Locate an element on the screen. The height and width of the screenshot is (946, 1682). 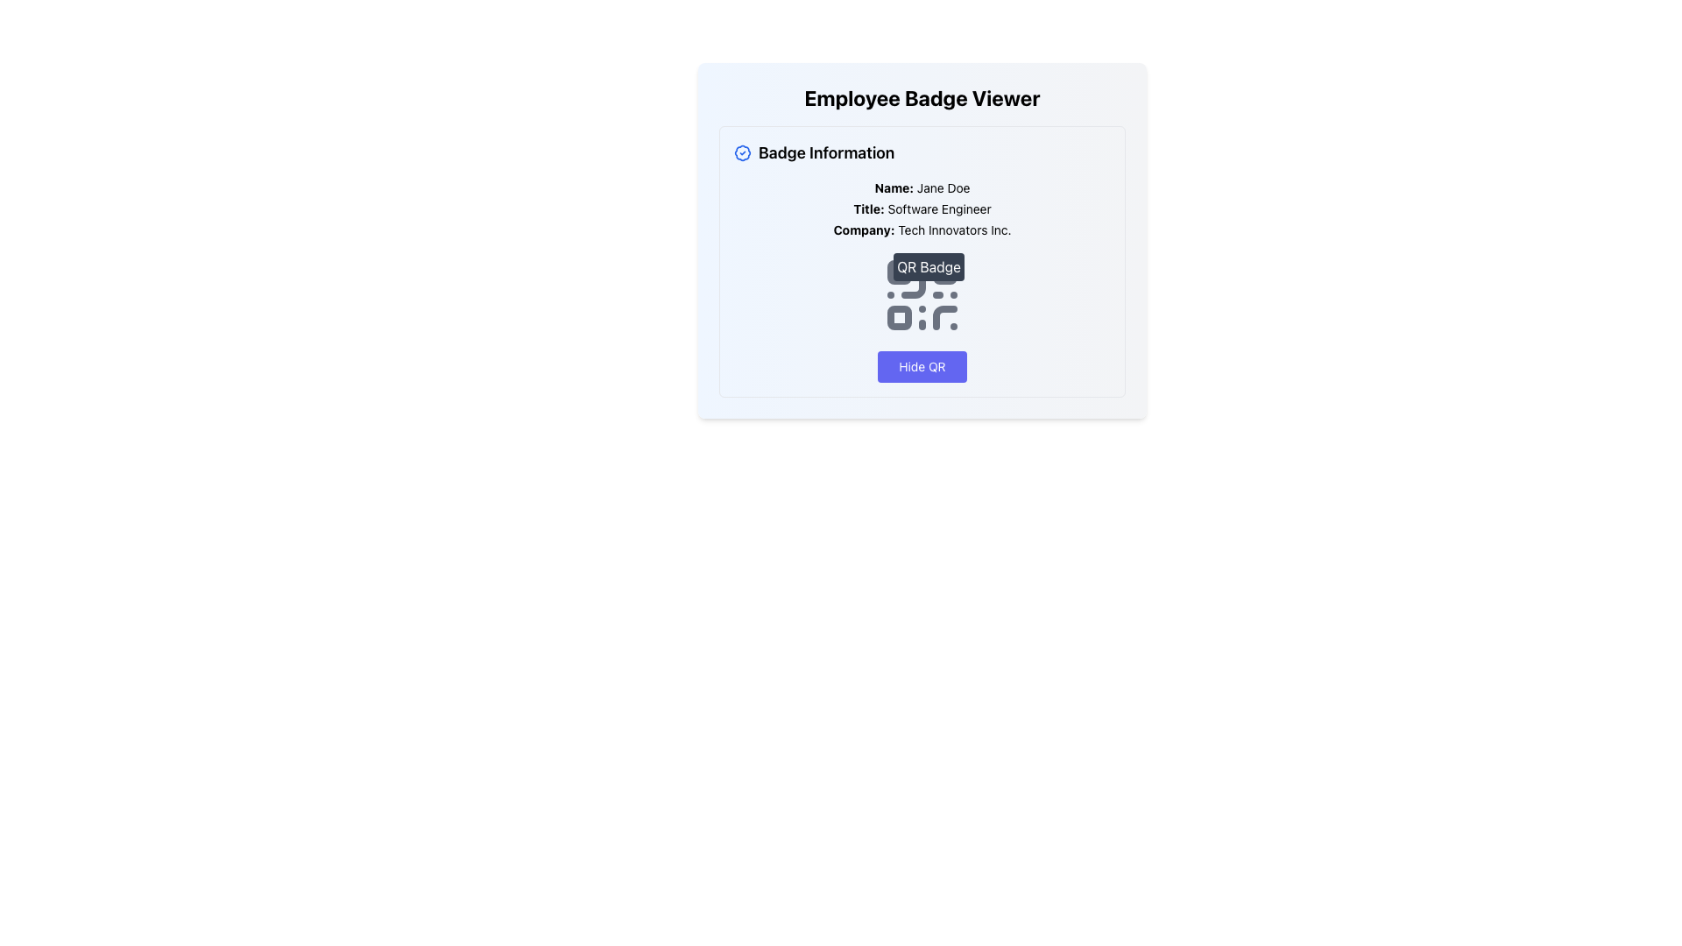
the graphical QR code element labeled 'QR Badge', which is located below the employee information section and above the 'Hide QR' button is located at coordinates (921, 293).